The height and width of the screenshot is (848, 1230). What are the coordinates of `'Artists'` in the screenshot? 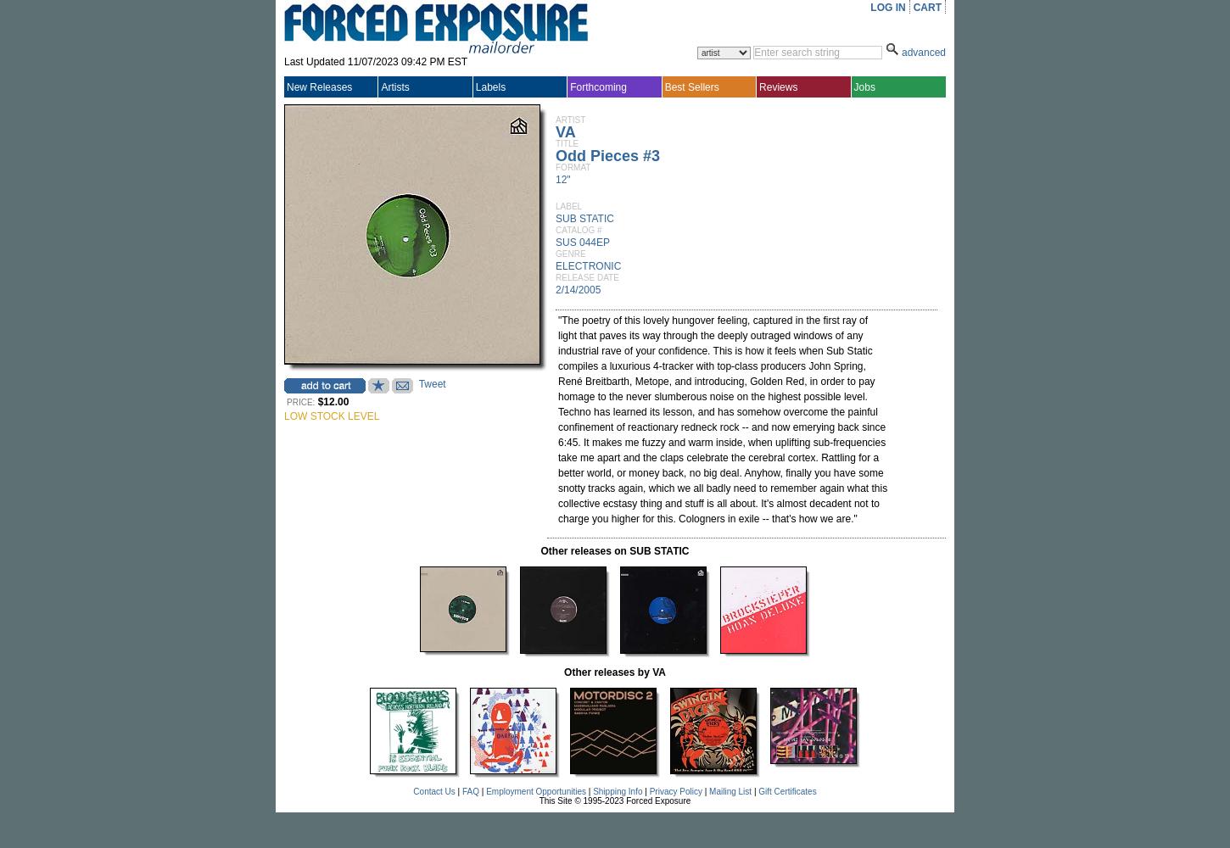 It's located at (394, 86).